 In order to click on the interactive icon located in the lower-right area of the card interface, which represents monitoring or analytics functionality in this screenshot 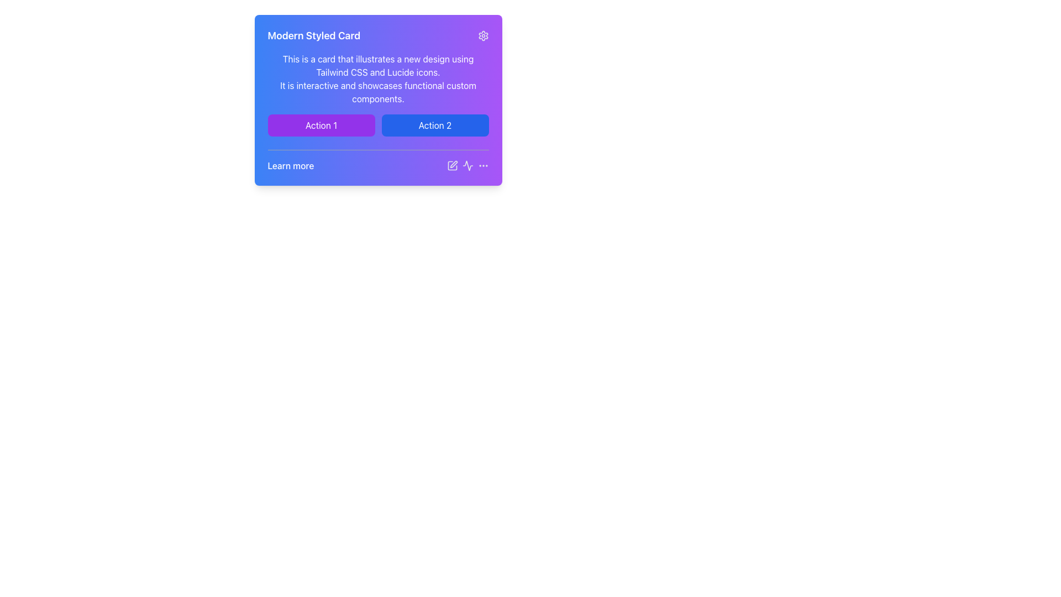, I will do `click(468, 166)`.